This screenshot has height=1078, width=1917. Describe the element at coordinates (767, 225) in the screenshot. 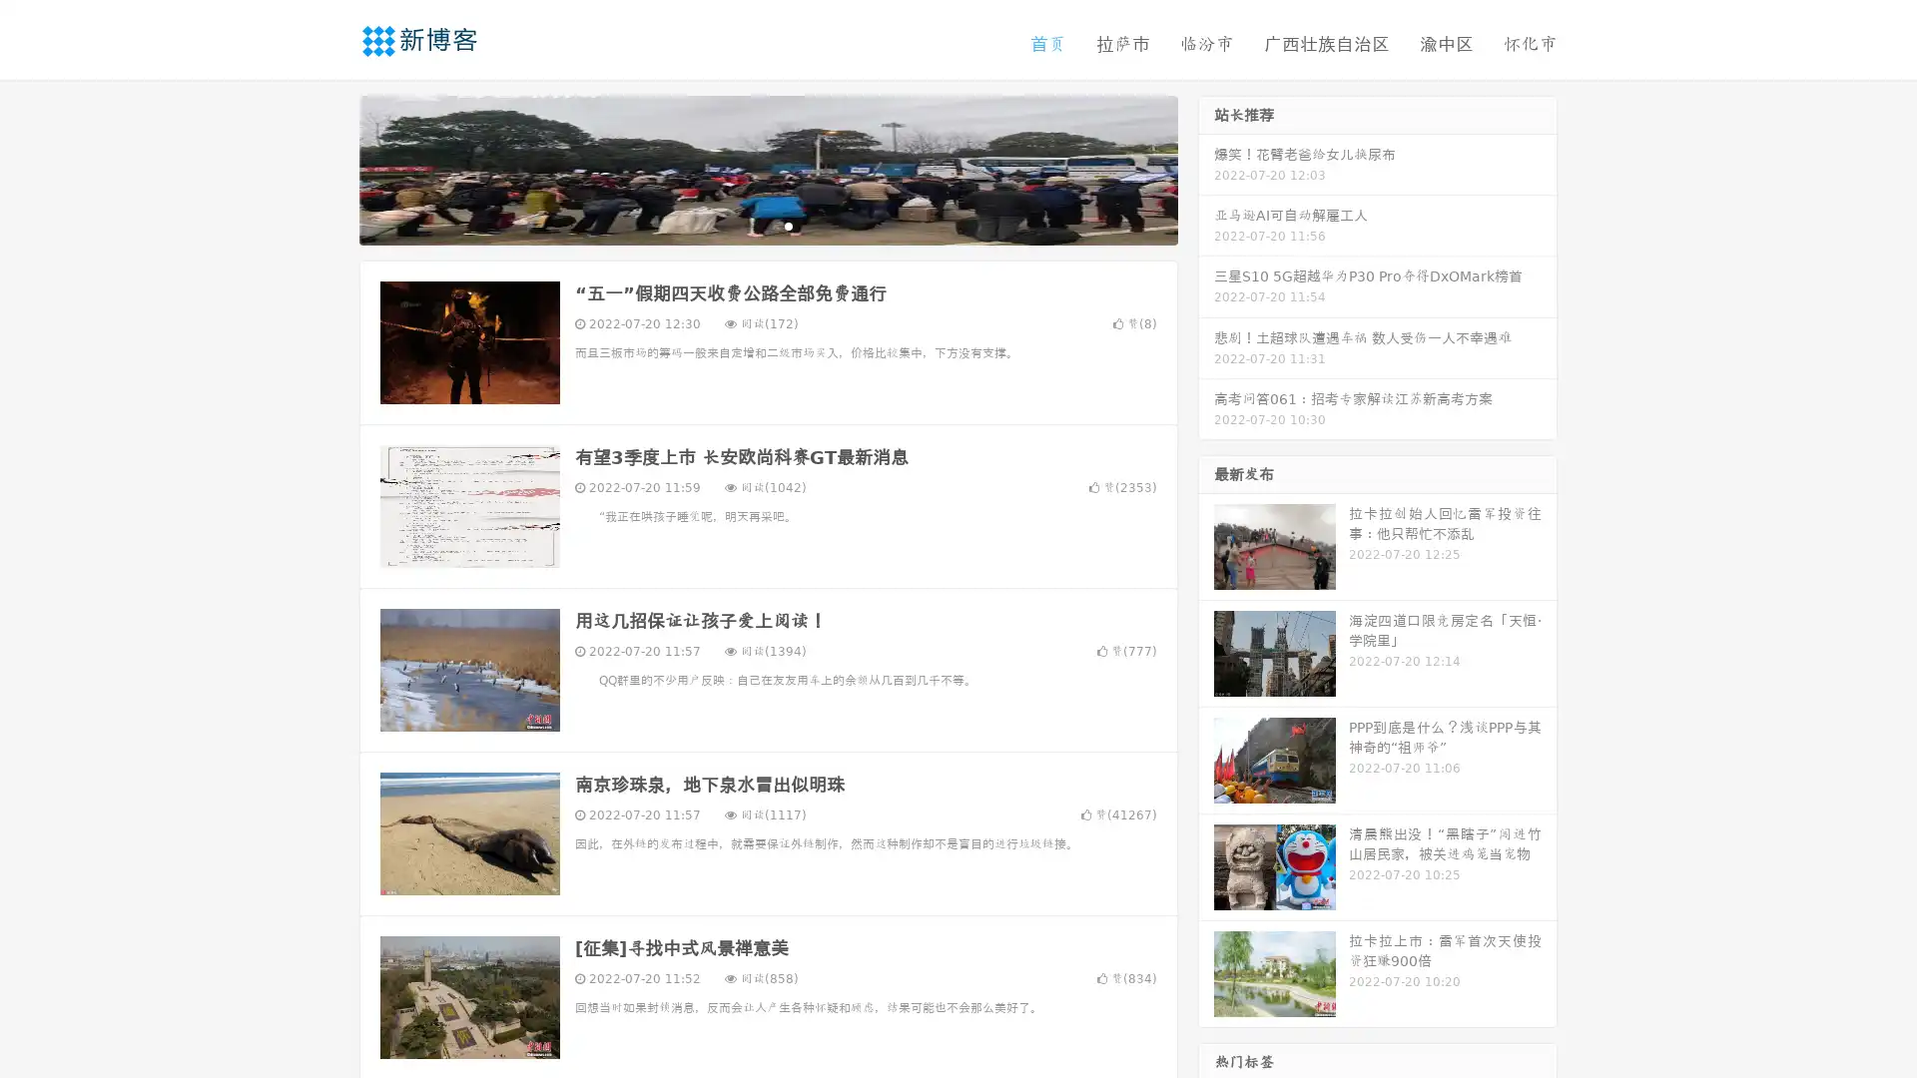

I see `Go to slide 2` at that location.